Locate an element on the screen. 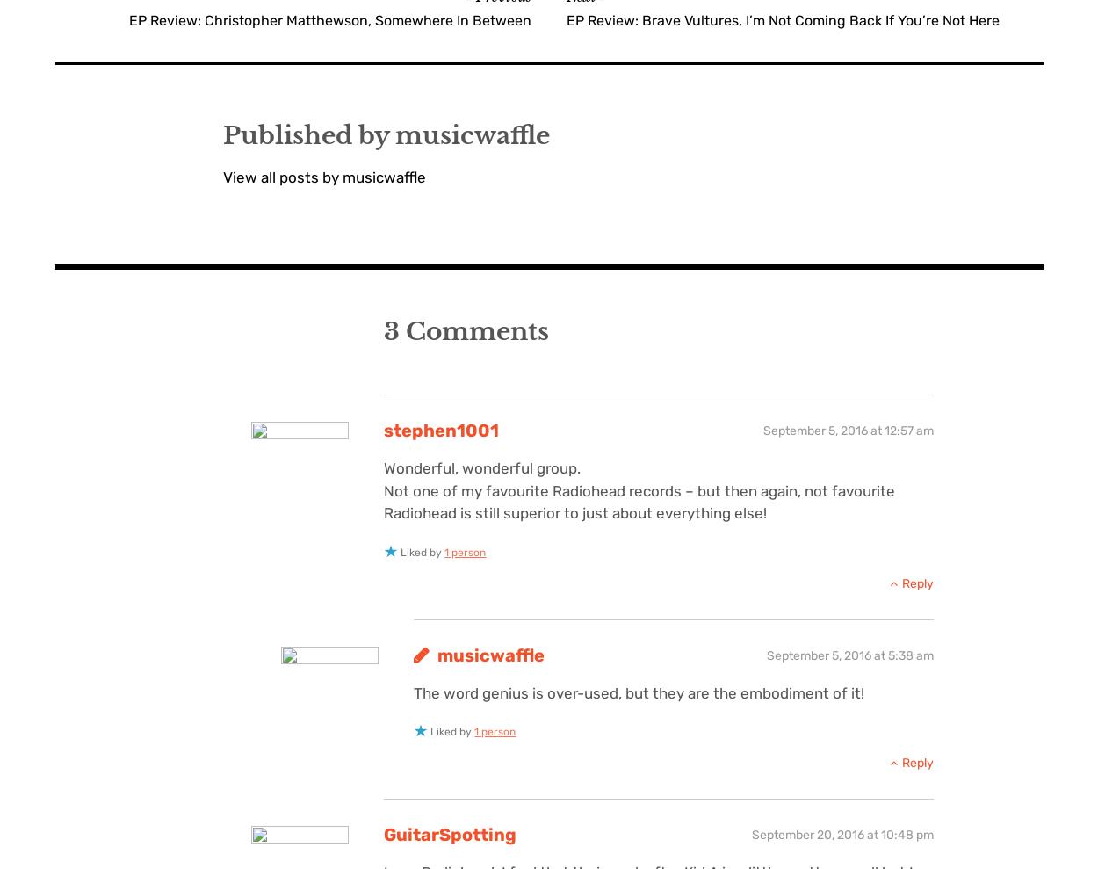 The height and width of the screenshot is (869, 1098). '3 Comments' is located at coordinates (466, 330).